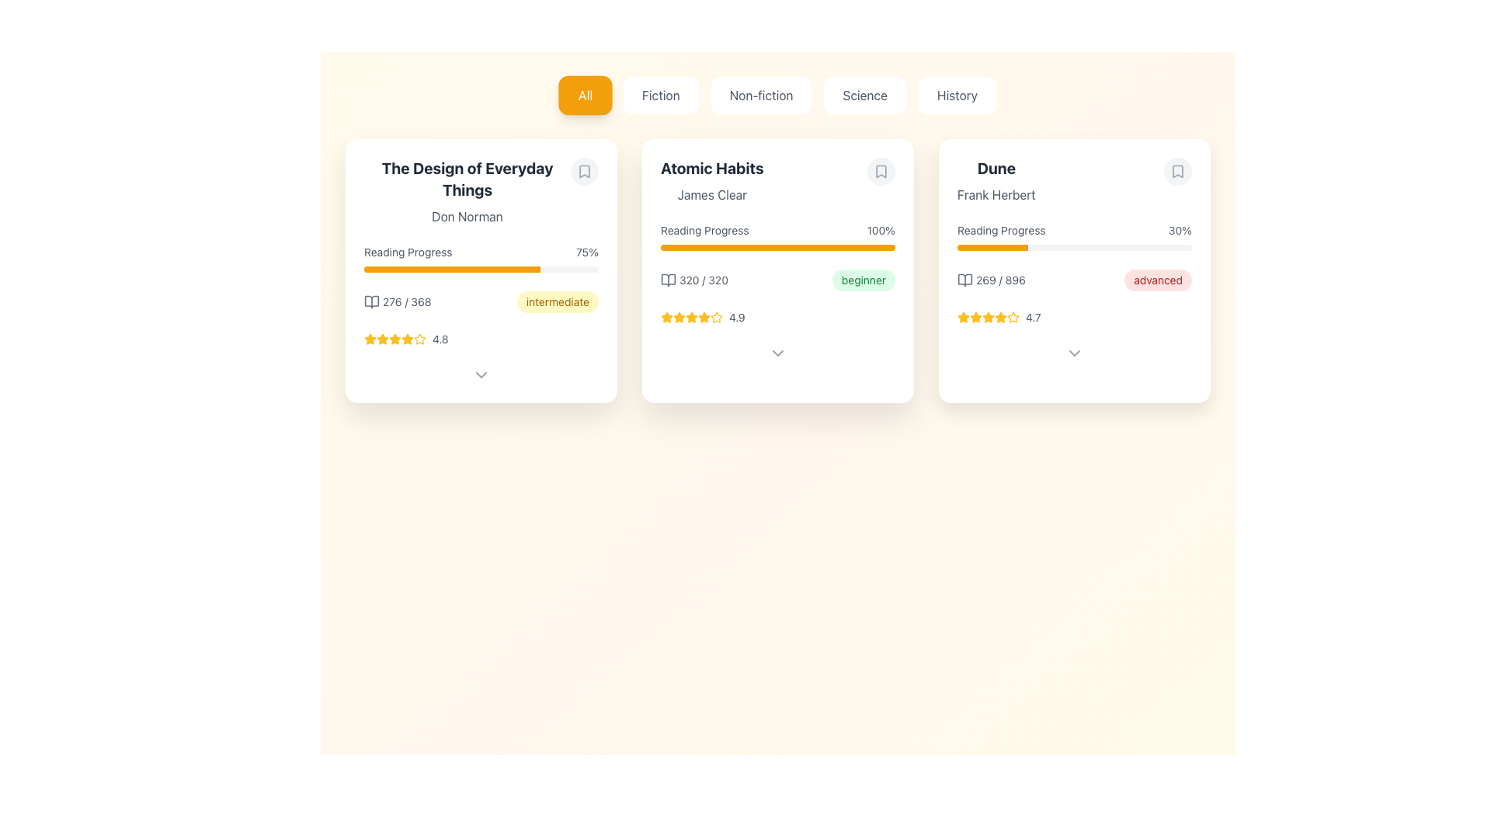 This screenshot has height=839, width=1491. Describe the element at coordinates (704, 231) in the screenshot. I see `the static text label displaying 'Reading Progress', which is part of the 'Atomic Habits' card in the second column of the grid` at that location.